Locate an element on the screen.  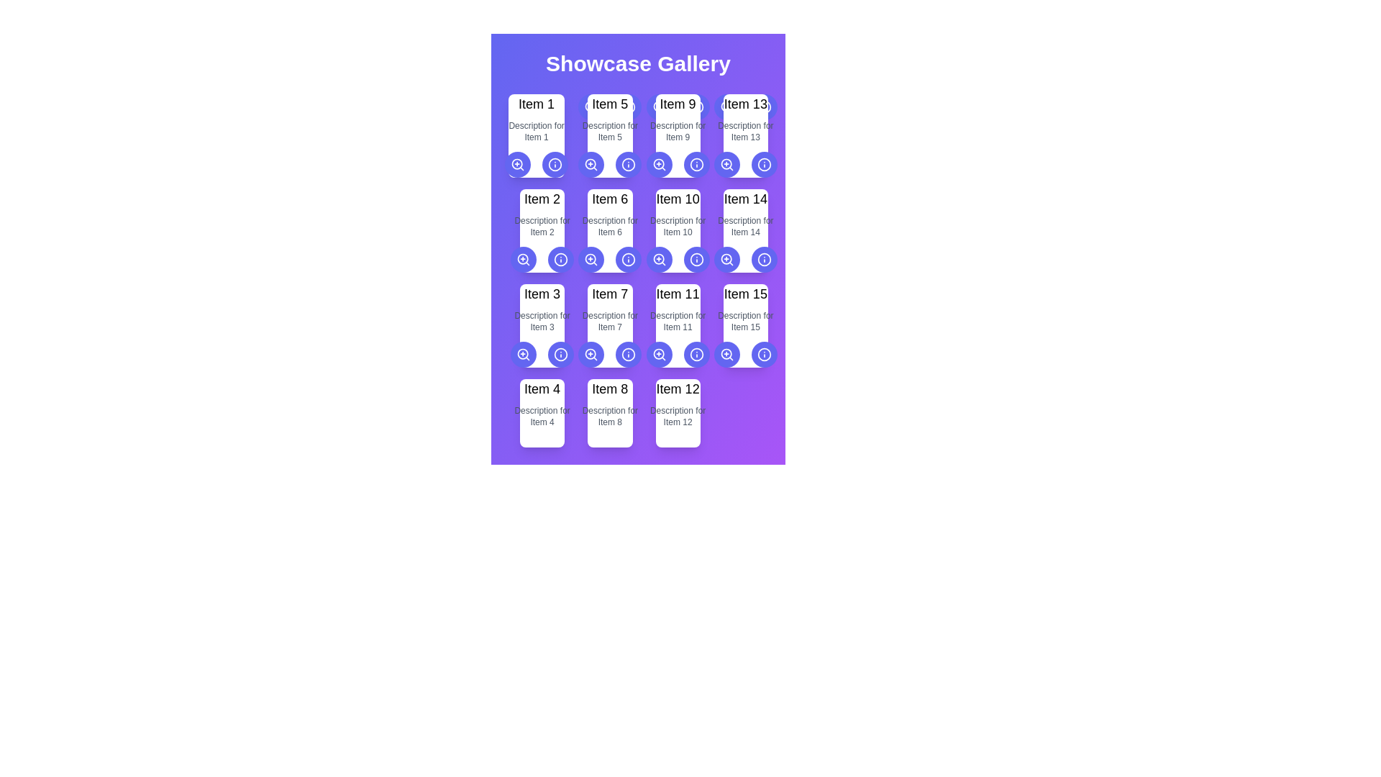
the static text label displaying 'Item 2' in bold, black font located at the upper-left corner of a grid structure, in the second cell of the first row is located at coordinates (542, 199).